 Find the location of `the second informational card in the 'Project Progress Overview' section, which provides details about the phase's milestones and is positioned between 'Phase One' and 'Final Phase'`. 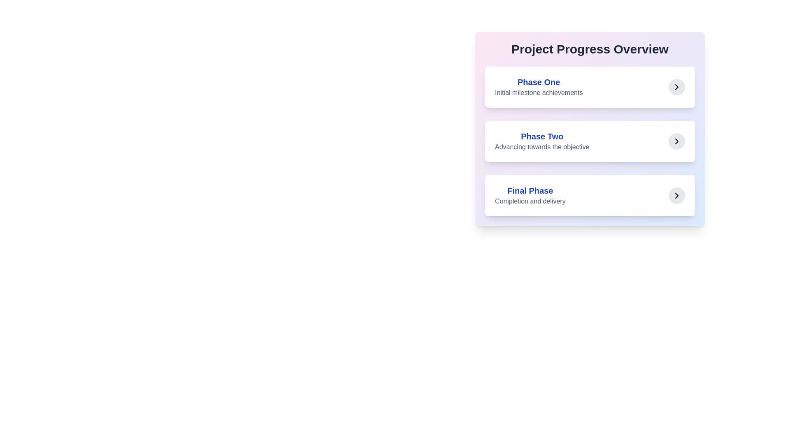

the second informational card in the 'Project Progress Overview' section, which provides details about the phase's milestones and is positioned between 'Phase One' and 'Final Phase' is located at coordinates (590, 141).